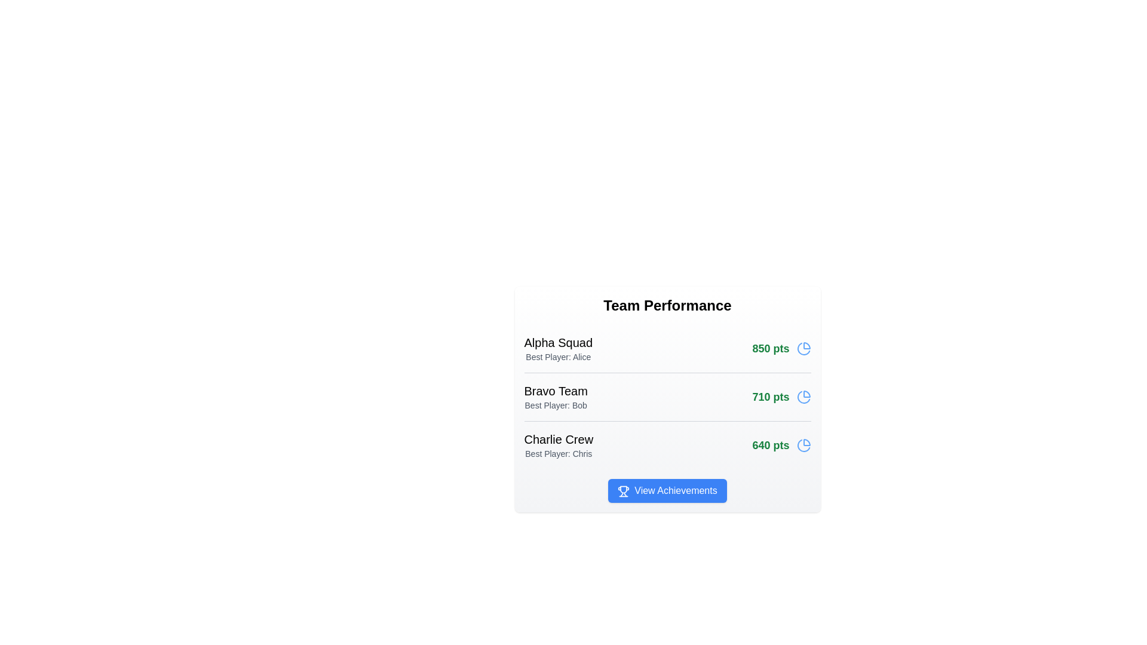  I want to click on the pie chart icon for Alpha Squad, so click(803, 348).